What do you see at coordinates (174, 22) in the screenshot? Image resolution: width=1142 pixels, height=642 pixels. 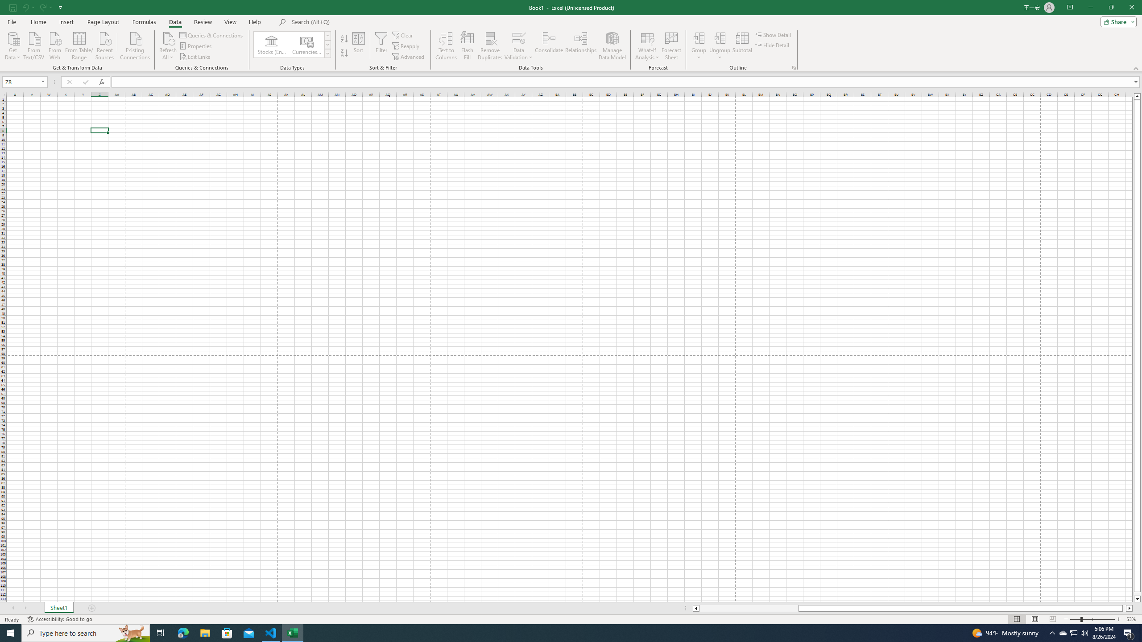 I see `'Data'` at bounding box center [174, 22].